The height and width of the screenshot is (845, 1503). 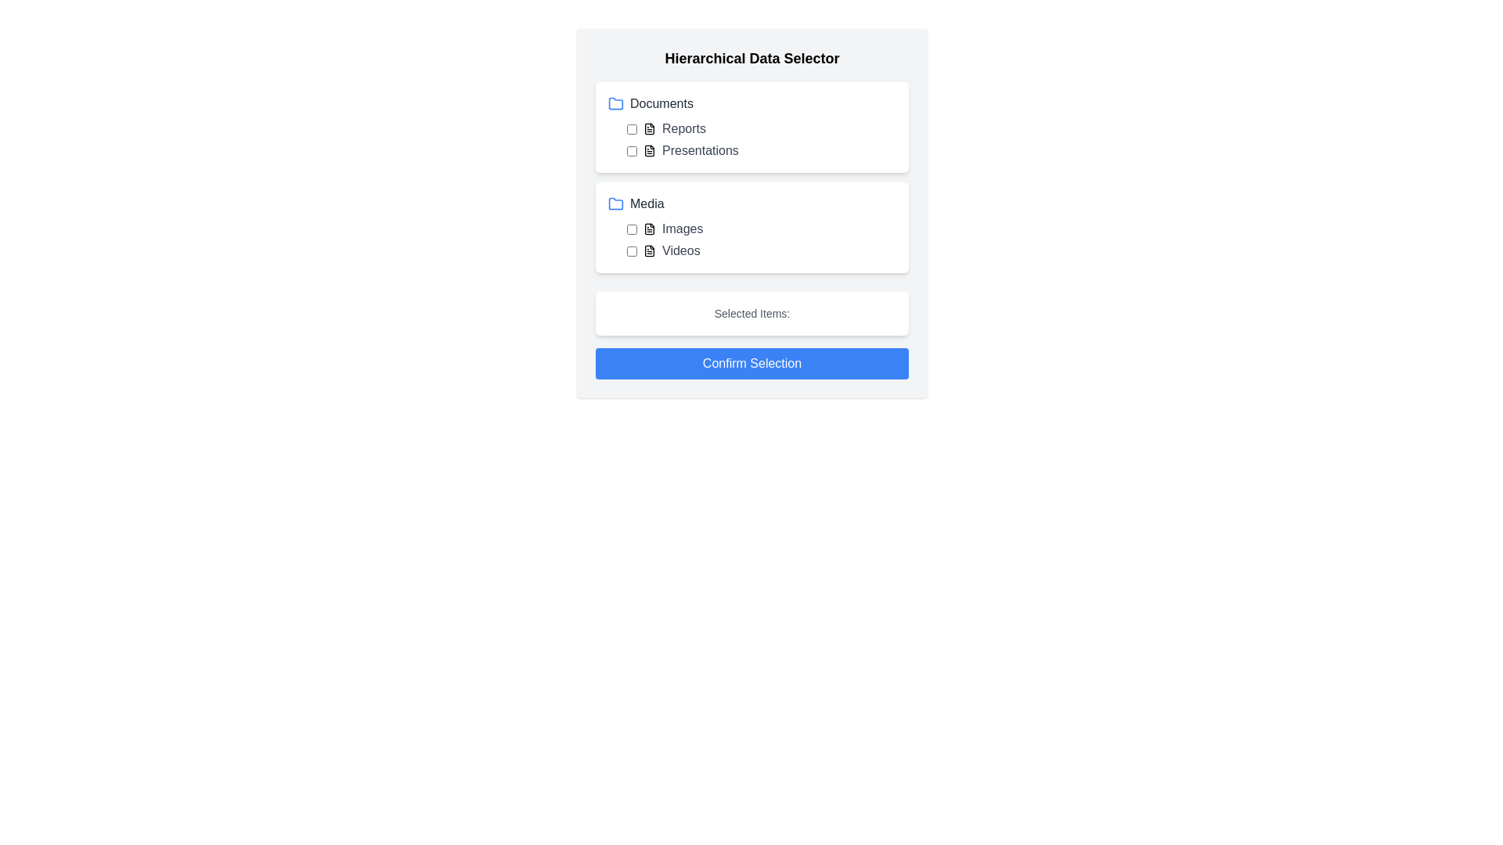 What do you see at coordinates (751, 227) in the screenshot?
I see `the checkbox next to 'Images' in the hierarchical selection list titled 'Media', which is positioned below the 'Documents' section` at bounding box center [751, 227].